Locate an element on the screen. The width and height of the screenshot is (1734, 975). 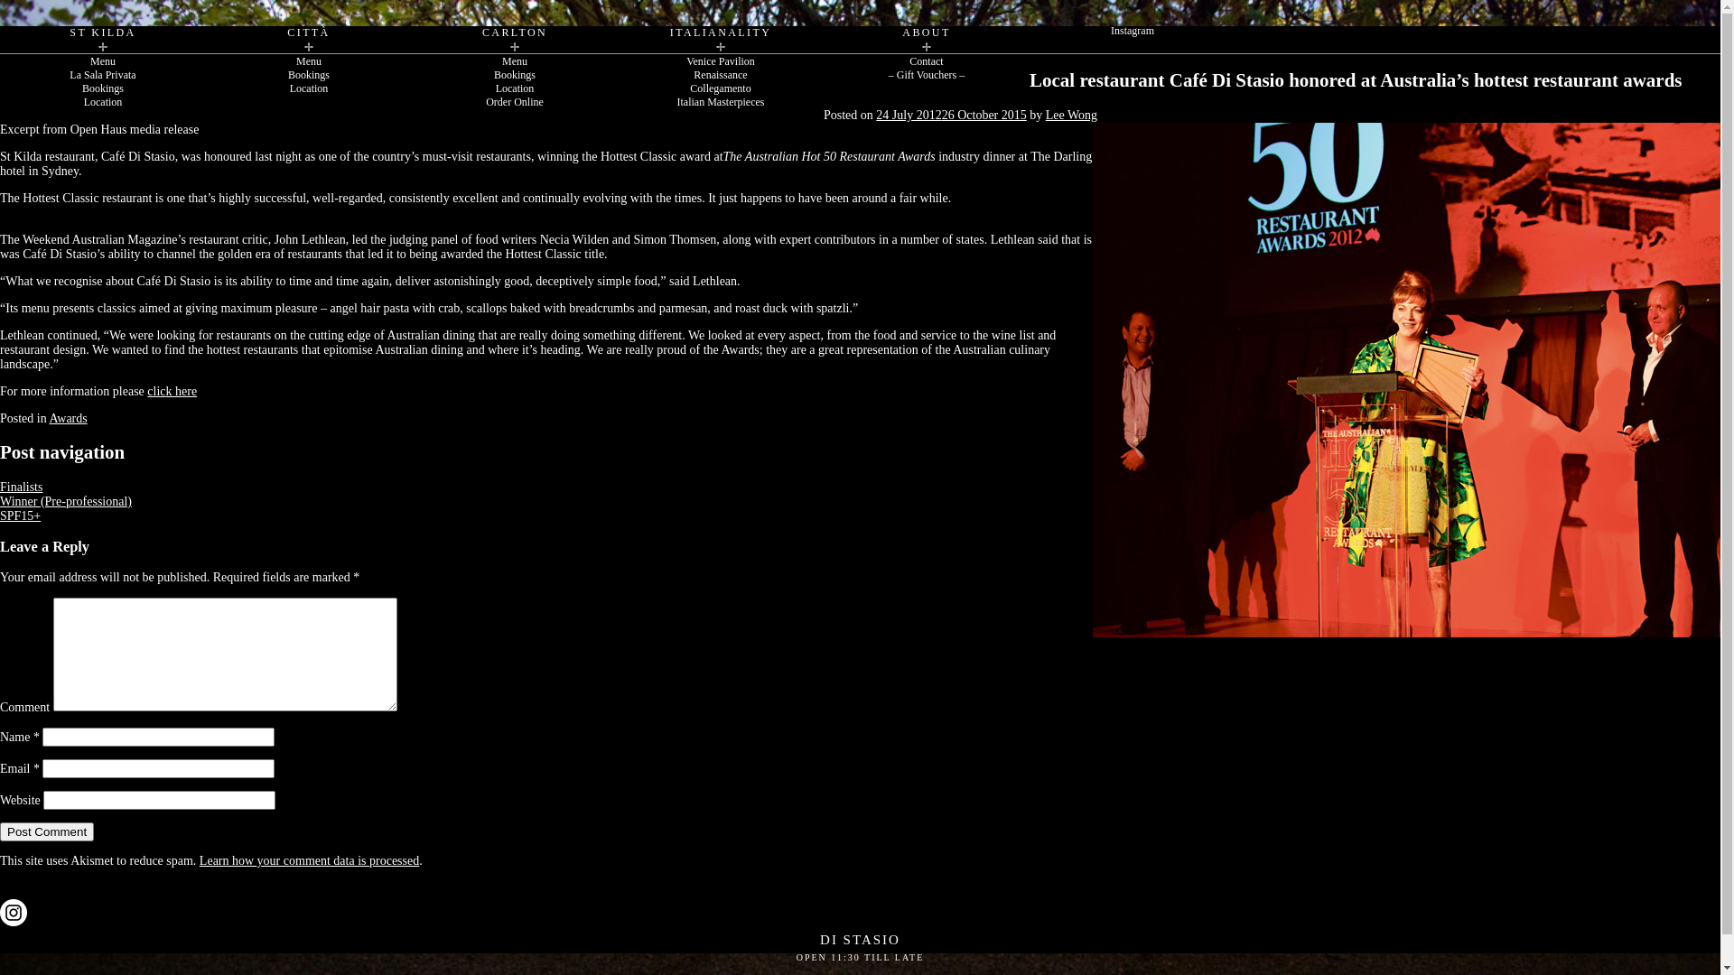
'Finalists' is located at coordinates (21, 486).